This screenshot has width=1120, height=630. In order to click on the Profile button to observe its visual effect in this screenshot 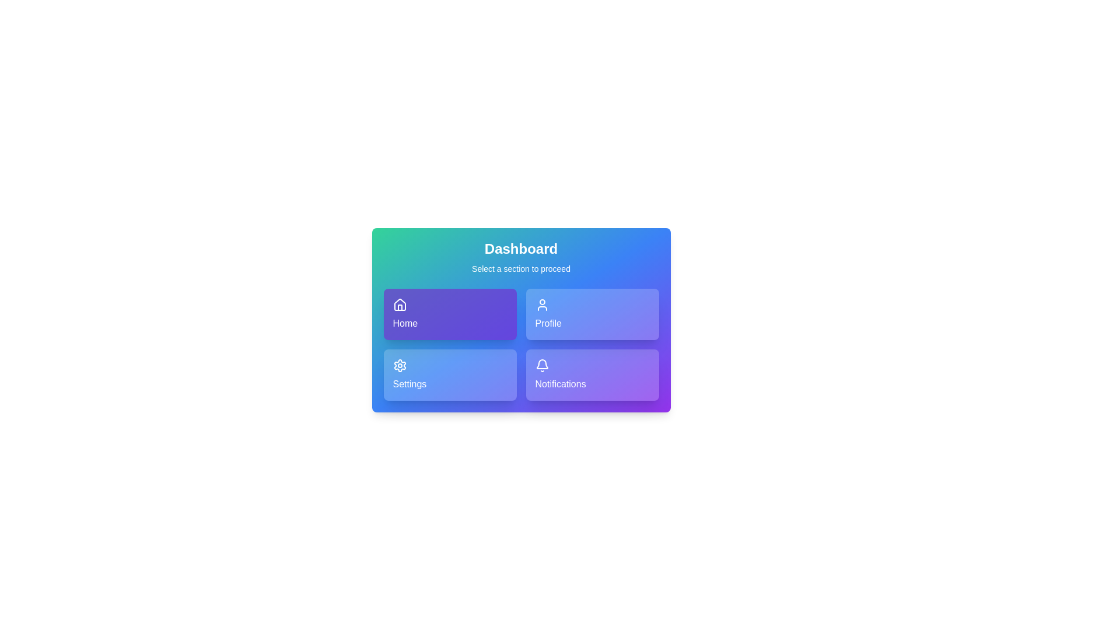, I will do `click(592, 314)`.